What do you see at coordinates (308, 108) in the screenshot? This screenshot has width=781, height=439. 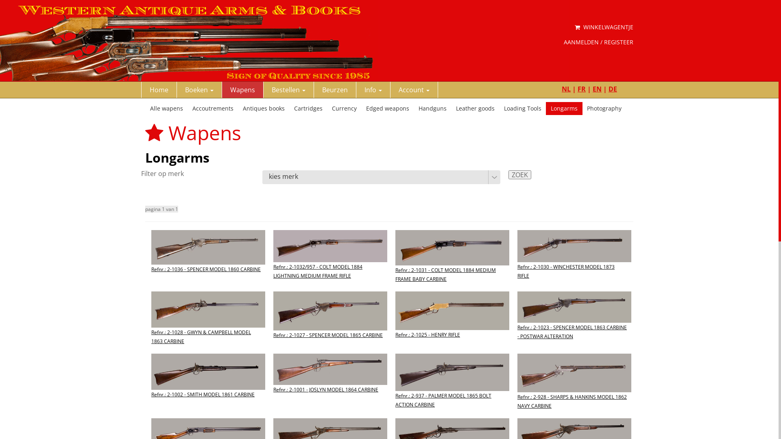 I see `'Cartridges'` at bounding box center [308, 108].